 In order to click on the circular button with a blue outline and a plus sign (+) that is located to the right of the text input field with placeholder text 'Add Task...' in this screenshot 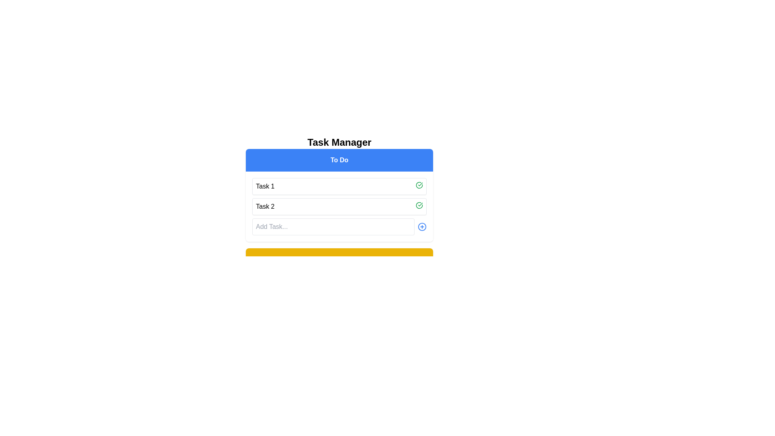, I will do `click(422, 227)`.